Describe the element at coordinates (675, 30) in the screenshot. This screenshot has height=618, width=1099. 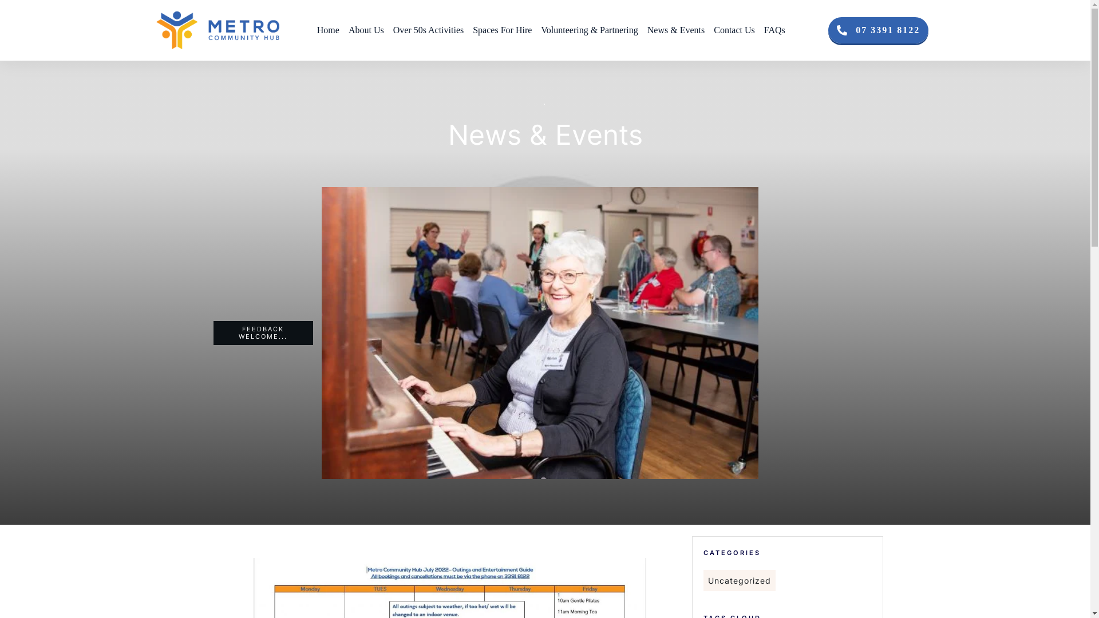
I see `'News & Events'` at that location.